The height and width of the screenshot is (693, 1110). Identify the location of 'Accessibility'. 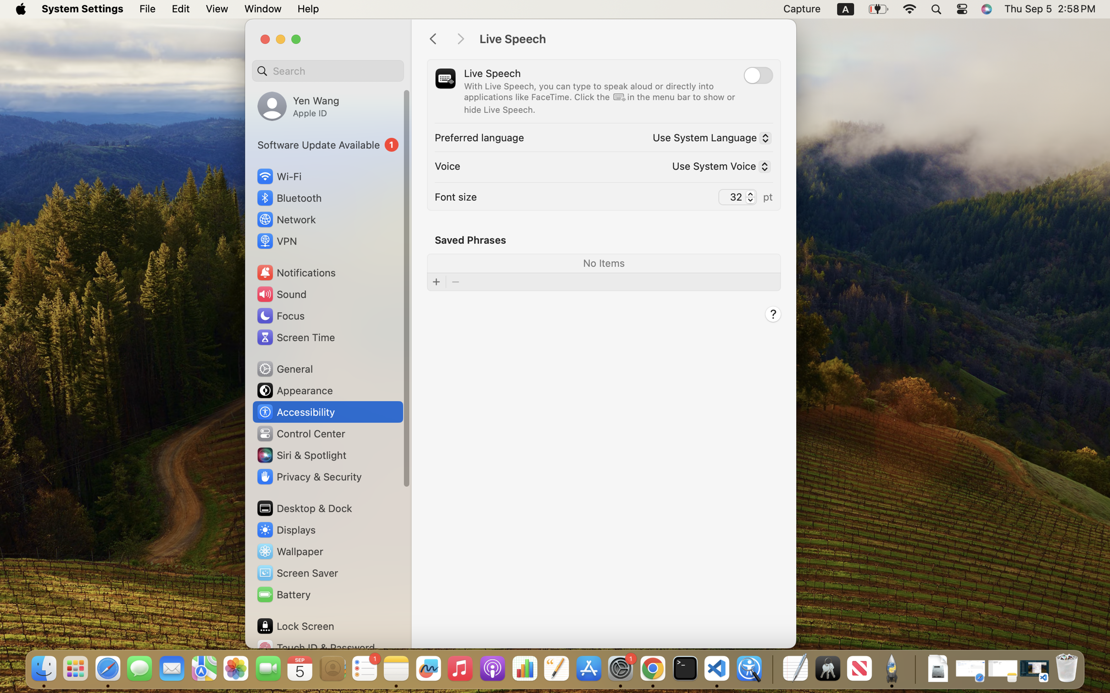
(295, 411).